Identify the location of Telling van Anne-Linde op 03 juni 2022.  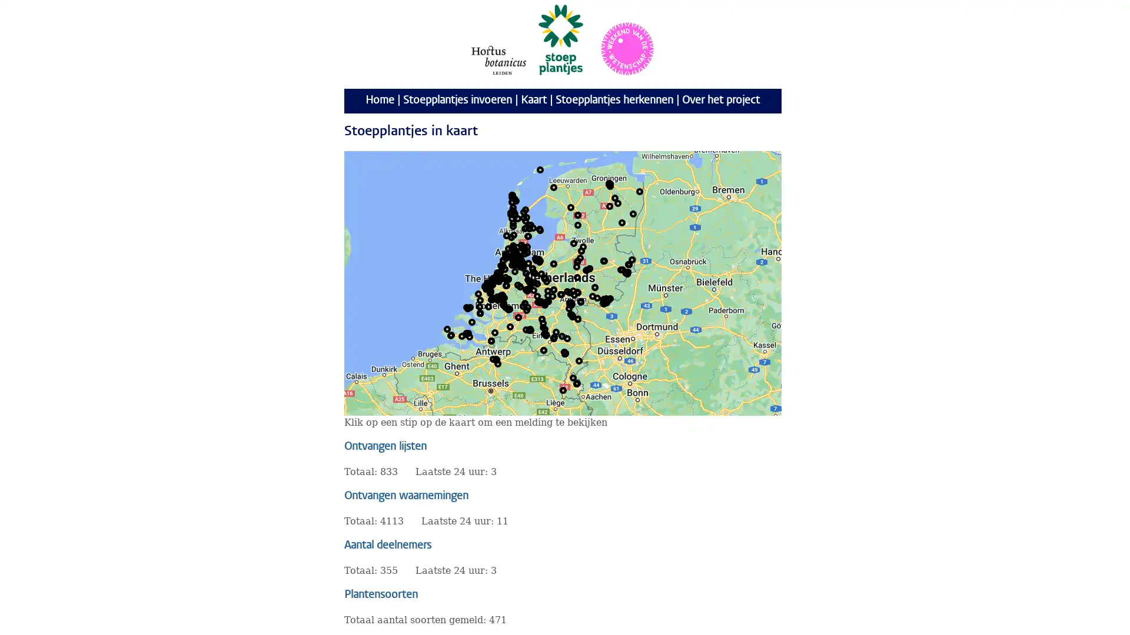
(480, 312).